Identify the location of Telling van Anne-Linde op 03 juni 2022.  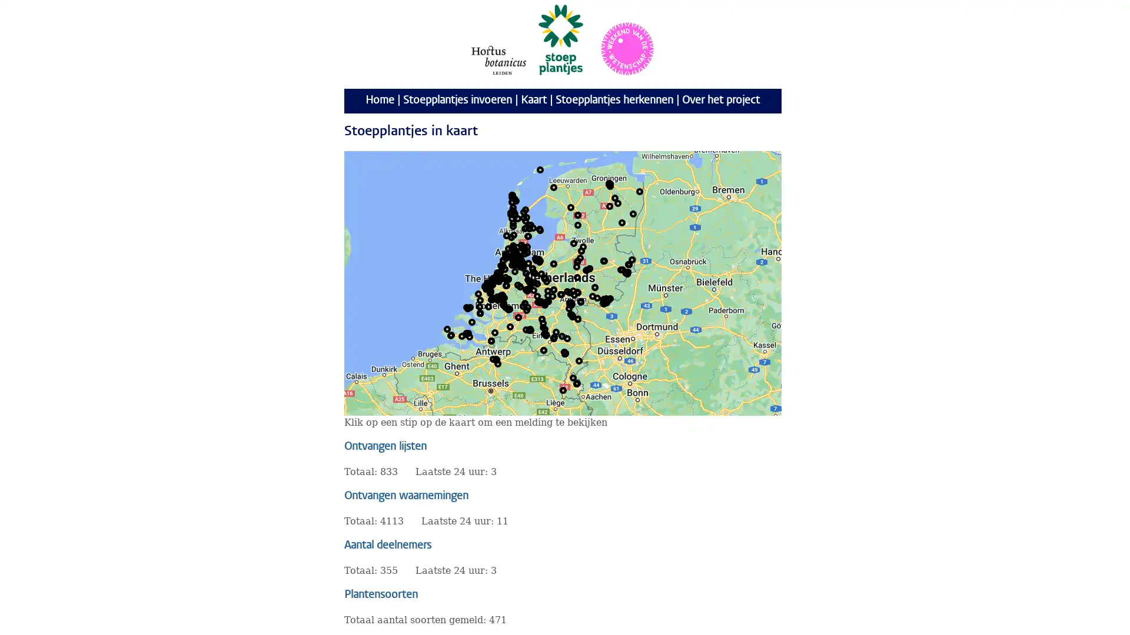
(480, 312).